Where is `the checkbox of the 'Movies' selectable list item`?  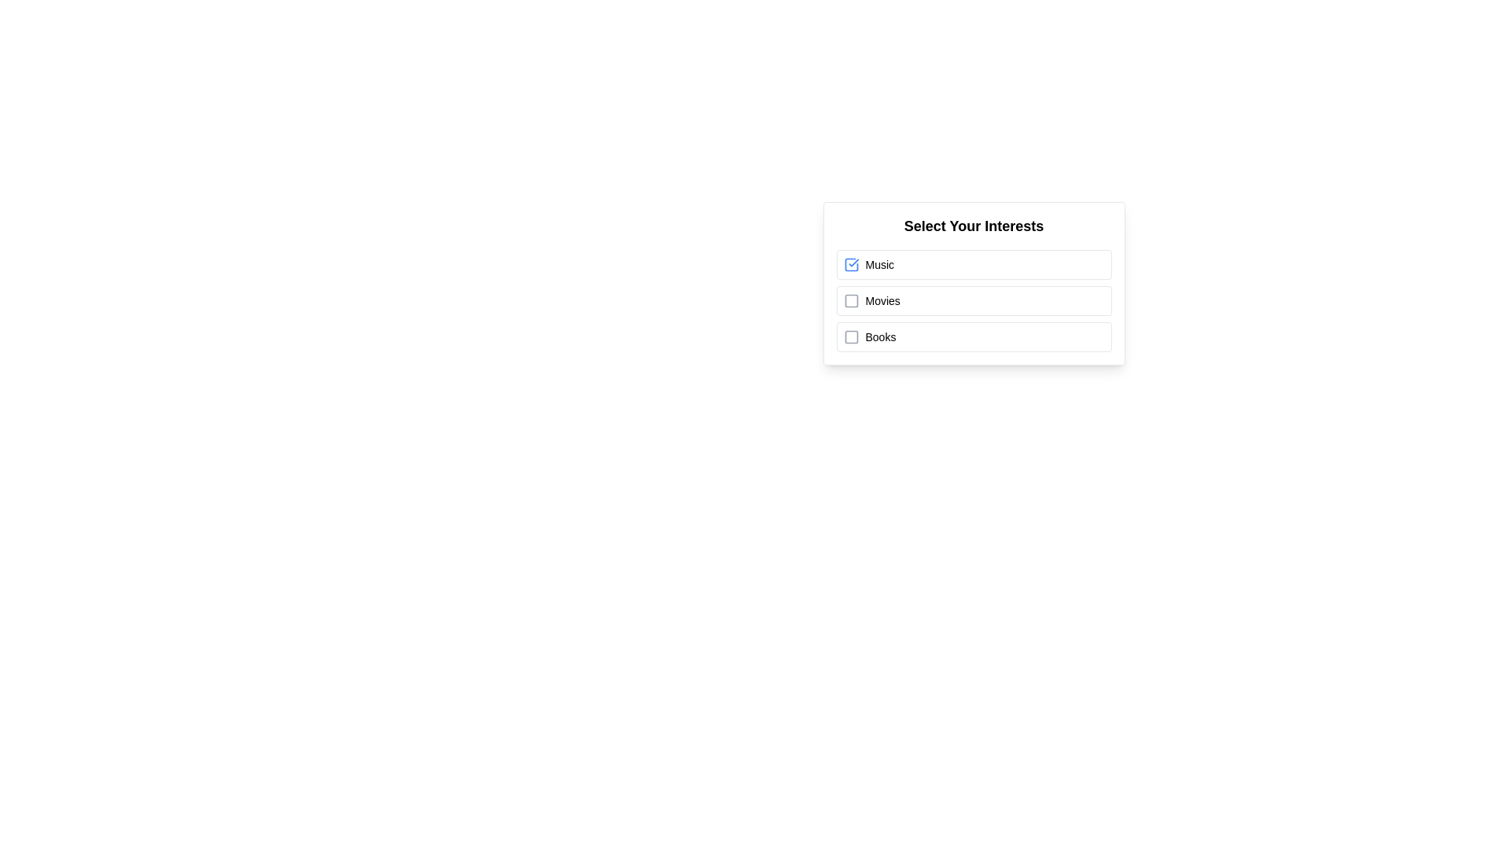 the checkbox of the 'Movies' selectable list item is located at coordinates (973, 300).